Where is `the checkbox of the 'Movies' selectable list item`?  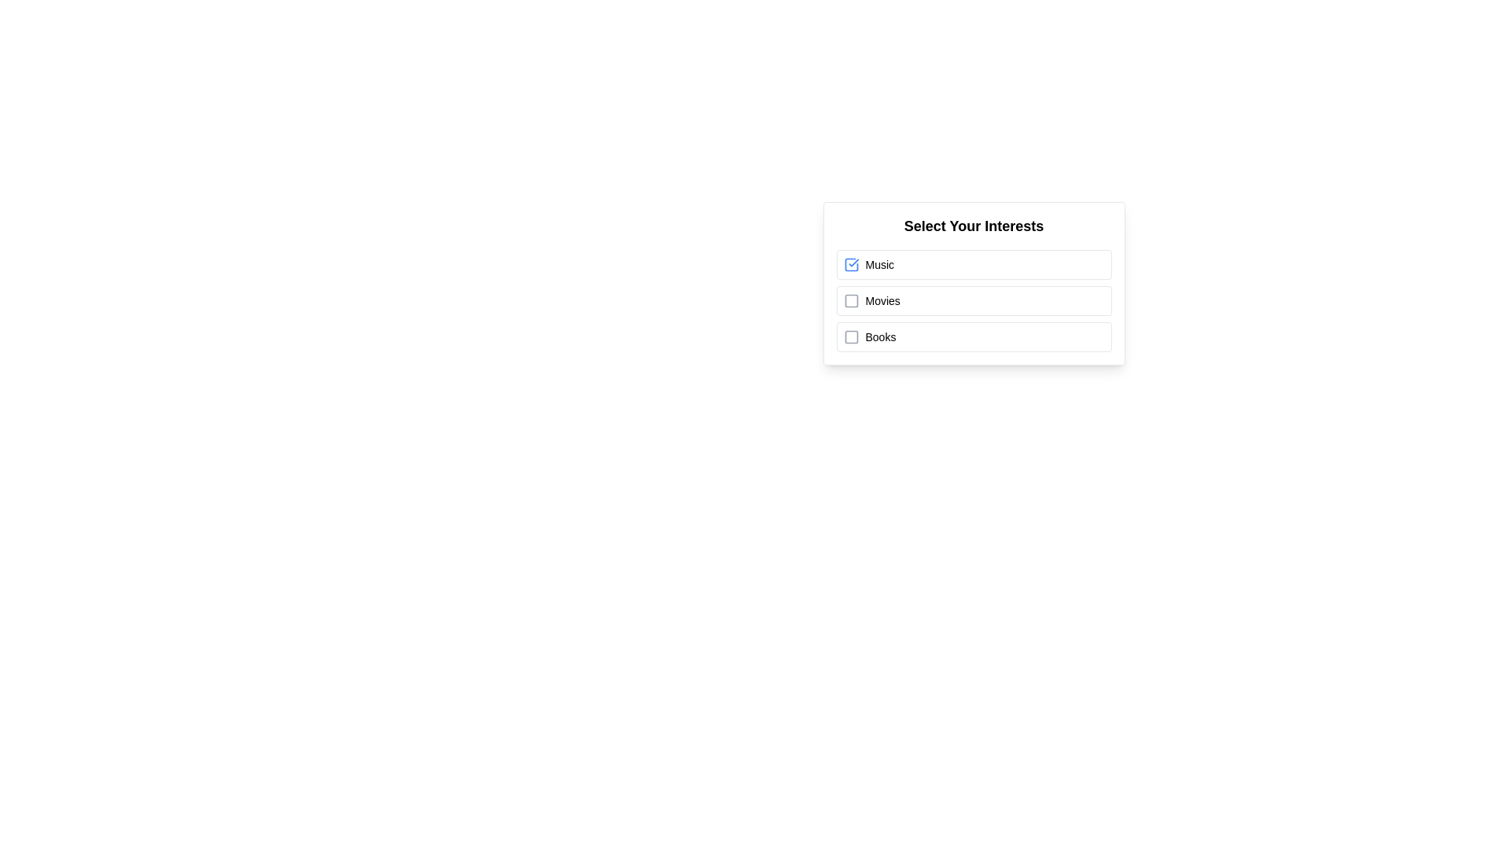 the checkbox of the 'Movies' selectable list item is located at coordinates (973, 300).